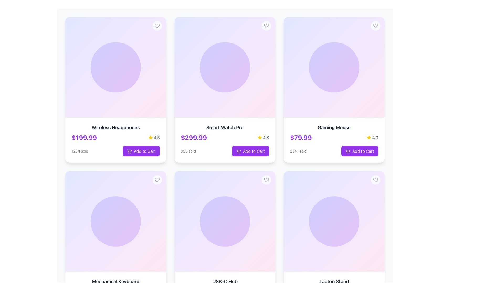 The width and height of the screenshot is (504, 283). Describe the element at coordinates (115, 151) in the screenshot. I see `the 'Add to Cart' button for the product 'Wireless Headphones'` at that location.